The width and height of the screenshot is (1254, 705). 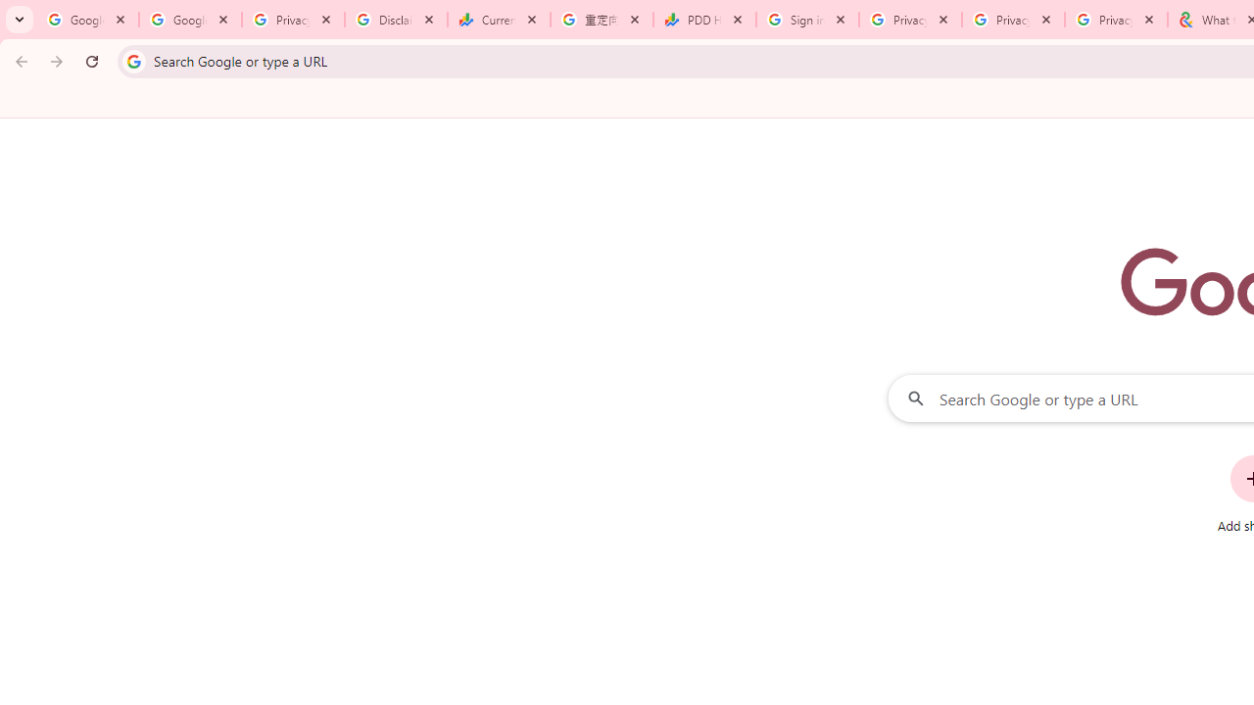 I want to click on 'Google Workspace Admin Community', so click(x=86, y=20).